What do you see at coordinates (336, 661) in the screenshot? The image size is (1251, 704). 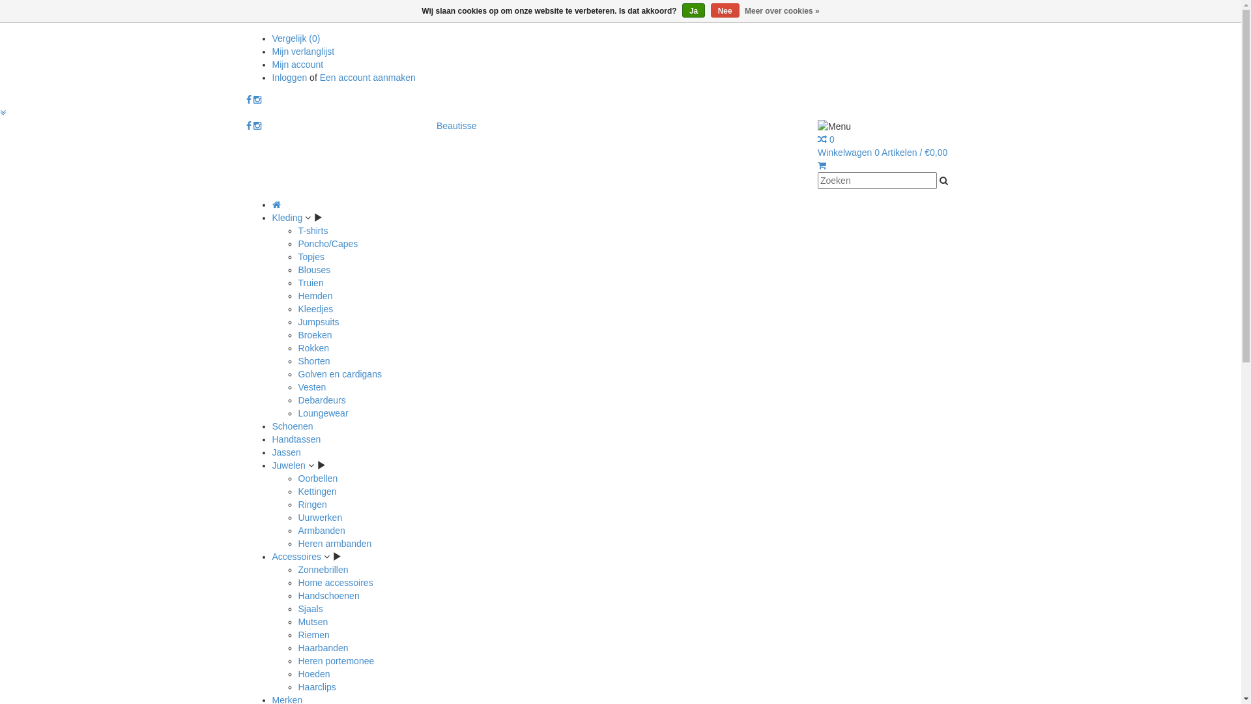 I see `'Heren portemonee'` at bounding box center [336, 661].